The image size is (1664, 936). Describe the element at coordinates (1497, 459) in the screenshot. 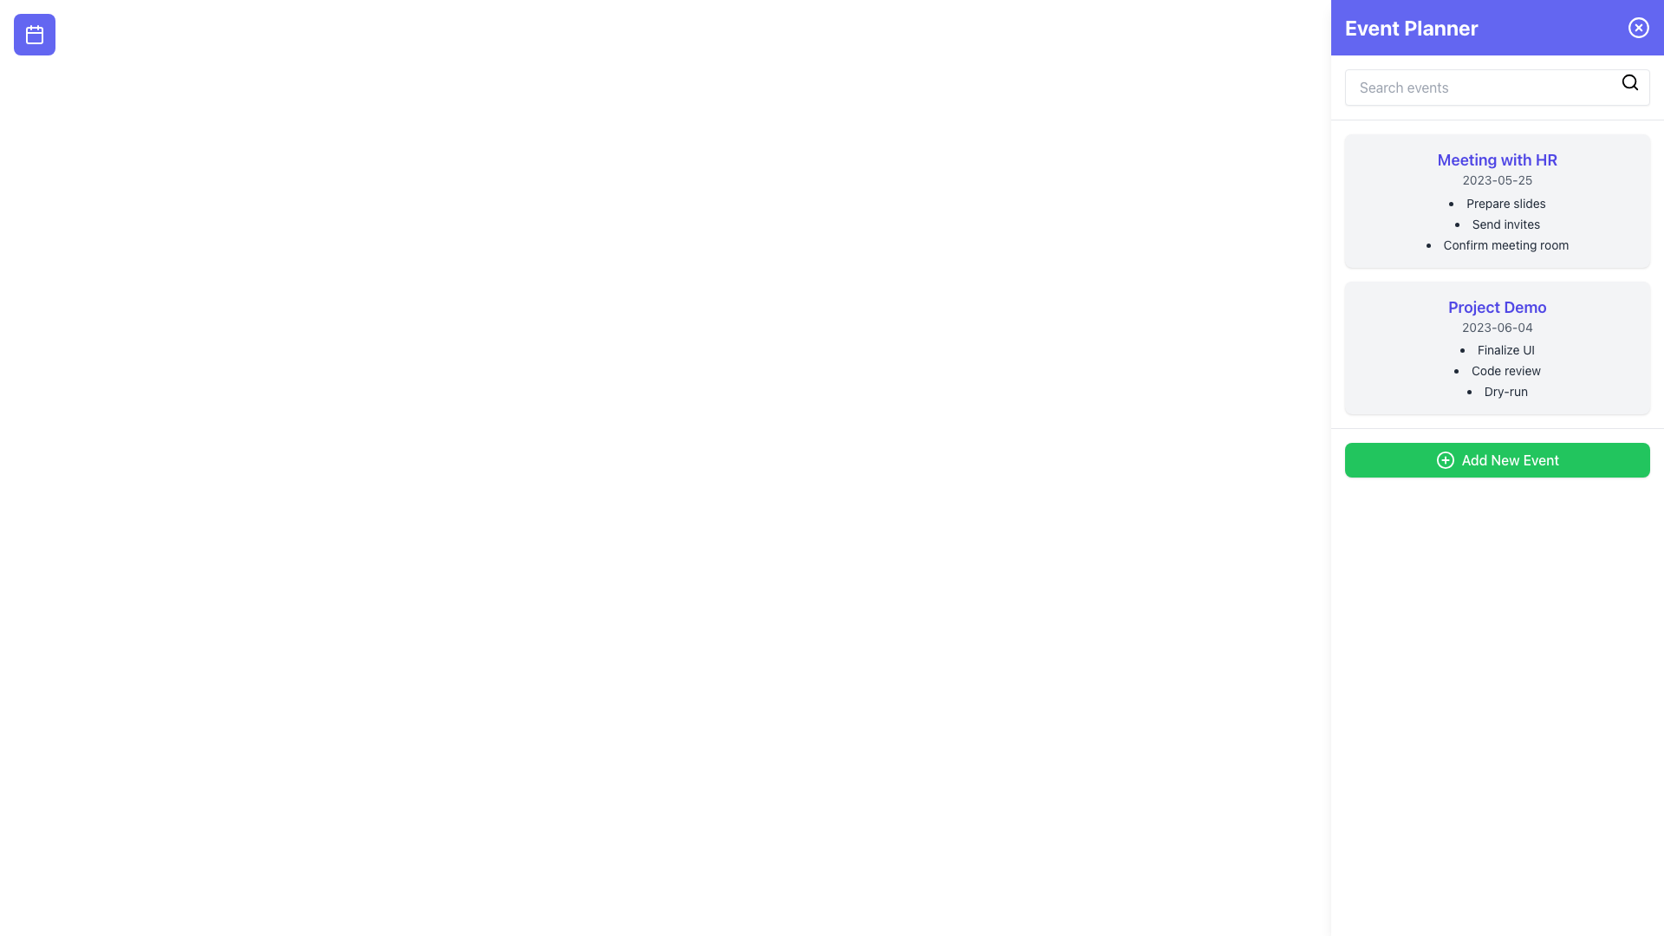

I see `the 'Add New Event' button located at the bottom of the right sidebar, under other event entries` at that location.